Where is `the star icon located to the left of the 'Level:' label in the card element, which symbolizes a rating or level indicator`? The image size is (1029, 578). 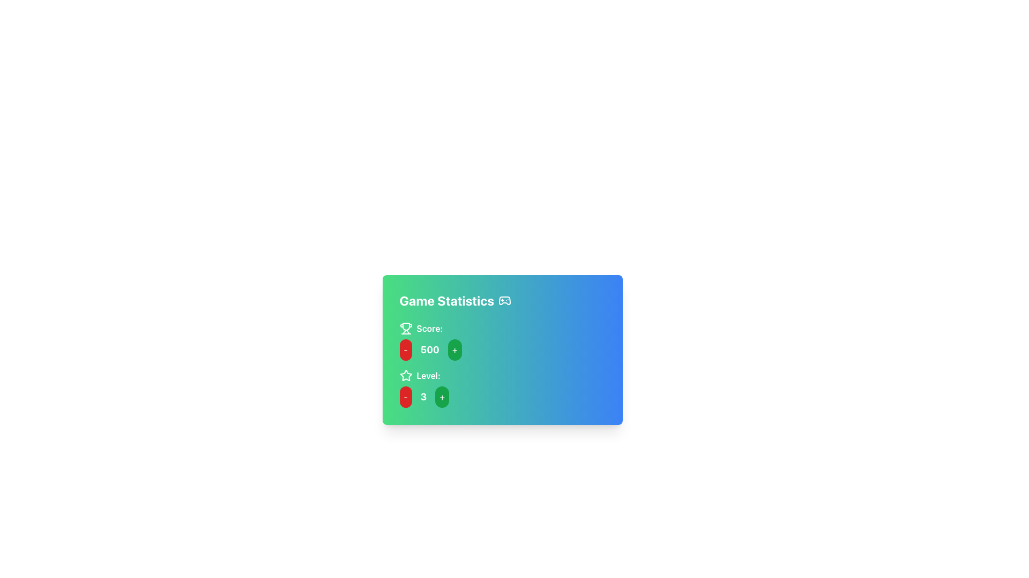
the star icon located to the left of the 'Level:' label in the card element, which symbolizes a rating or level indicator is located at coordinates (405, 375).